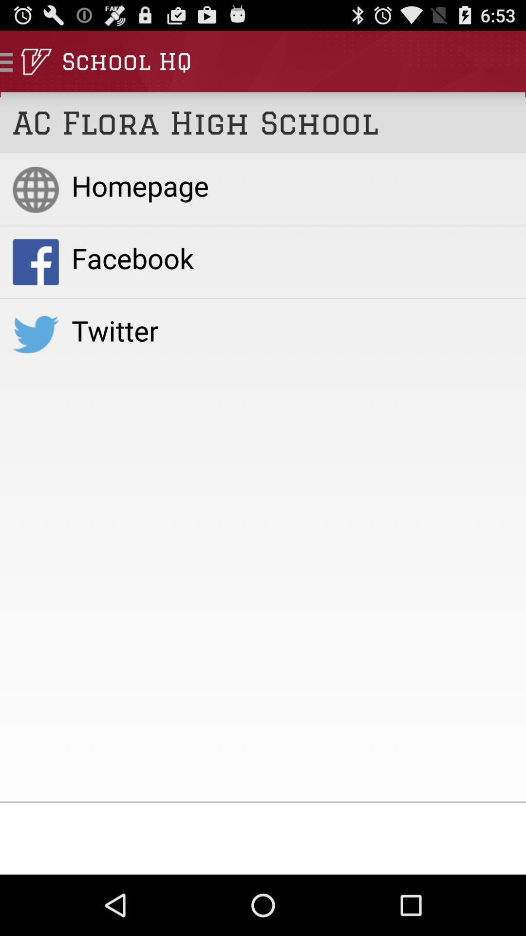 The height and width of the screenshot is (936, 526). What do you see at coordinates (292, 330) in the screenshot?
I see `the app at the center` at bounding box center [292, 330].